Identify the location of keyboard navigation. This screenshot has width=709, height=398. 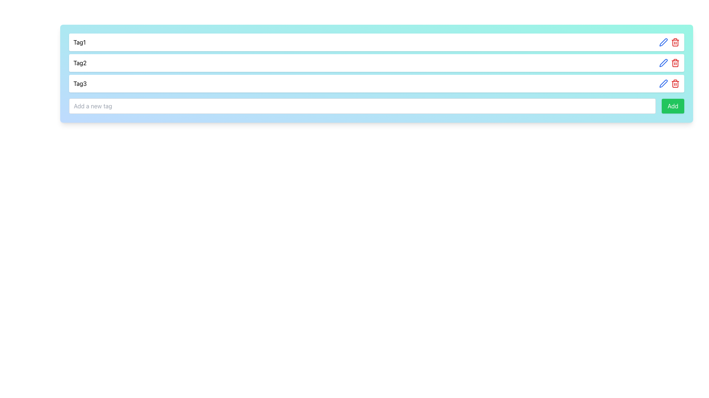
(673, 106).